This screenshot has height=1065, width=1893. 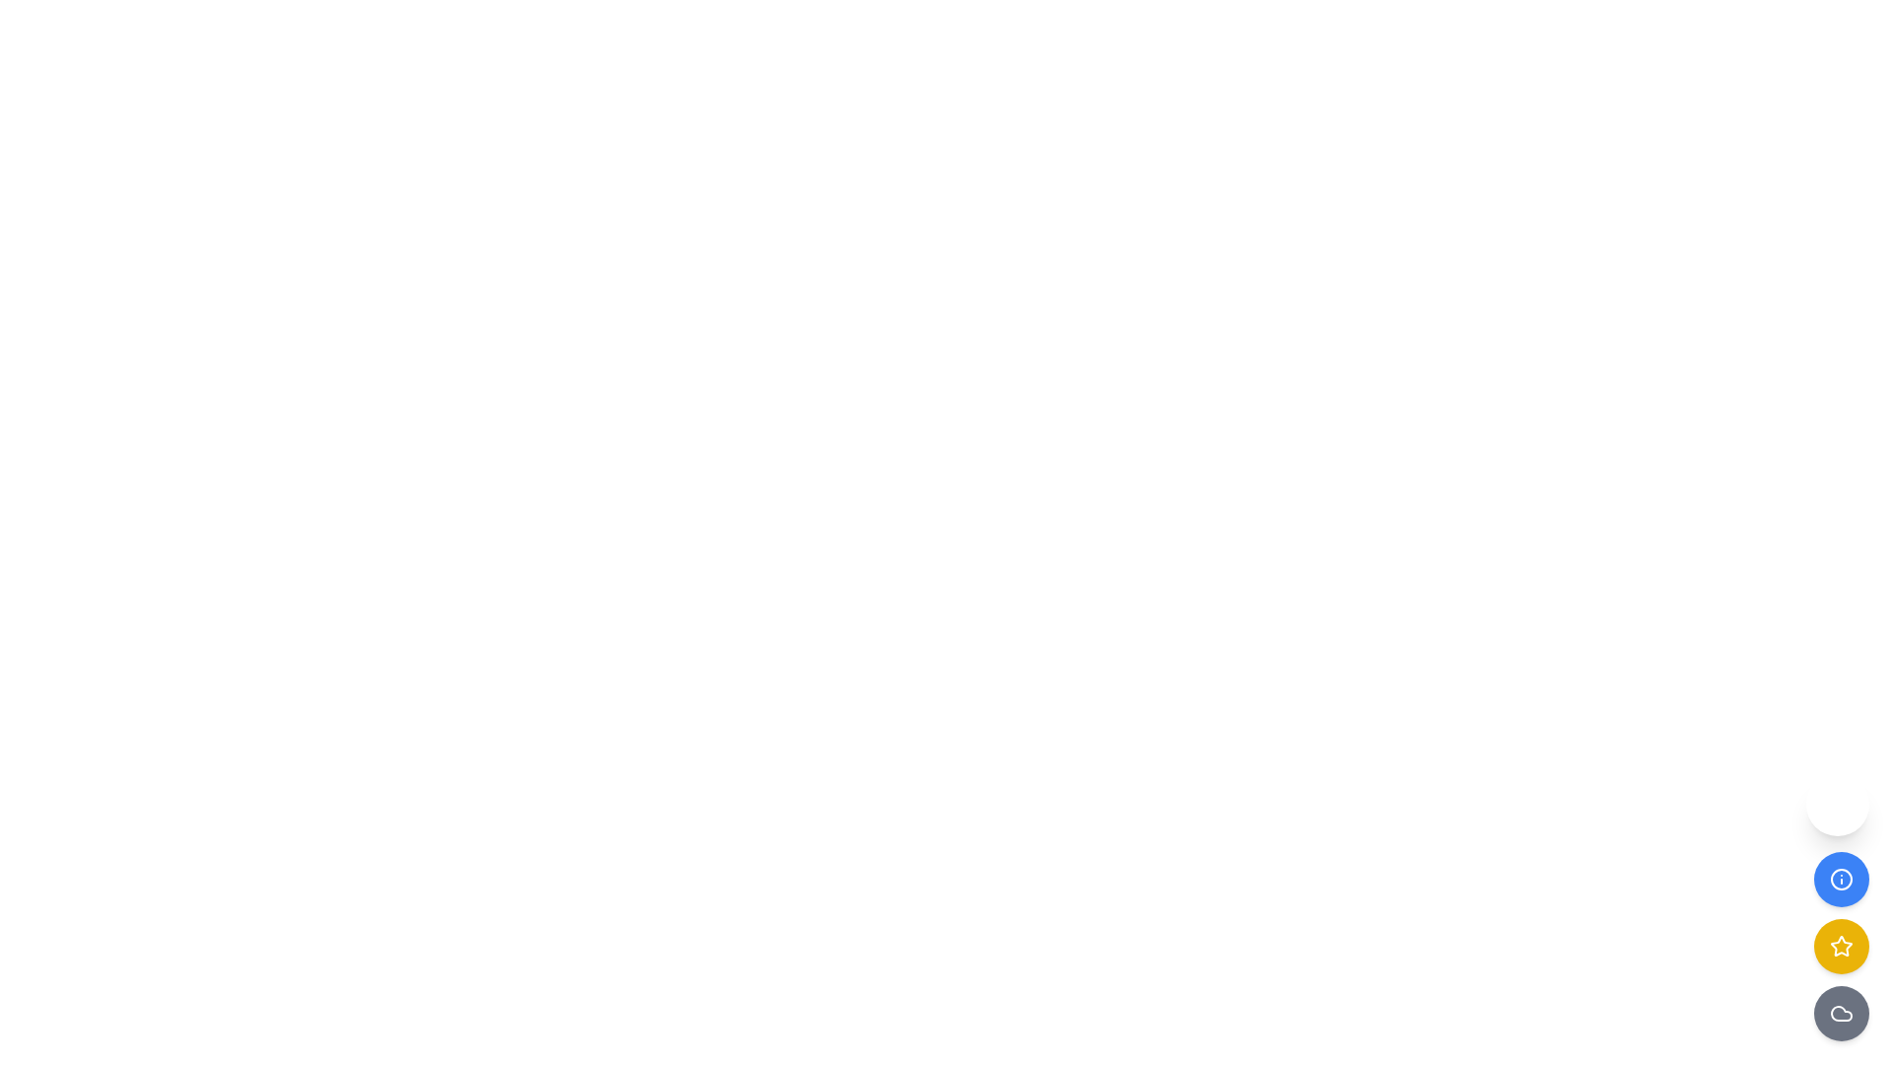 I want to click on the cloud icon located at the bottom-right corner of the interface, so click(x=1840, y=1014).